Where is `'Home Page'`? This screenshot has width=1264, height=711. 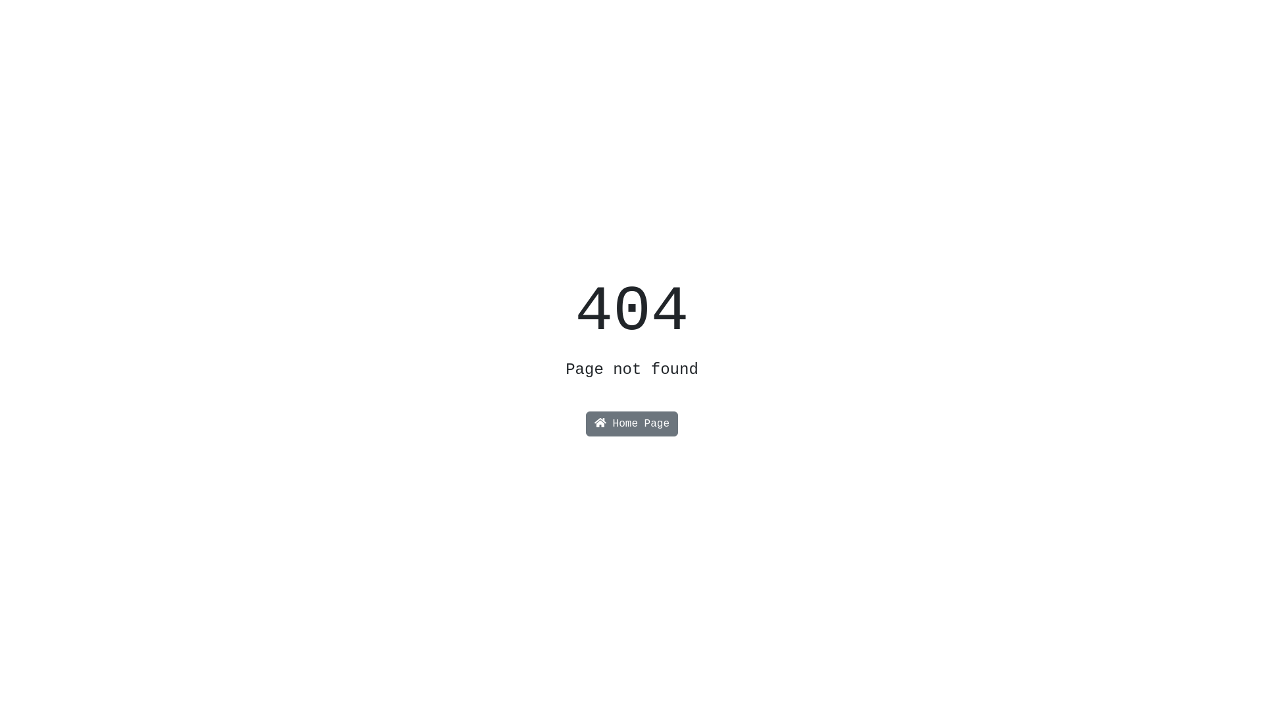
'Home Page' is located at coordinates (632, 424).